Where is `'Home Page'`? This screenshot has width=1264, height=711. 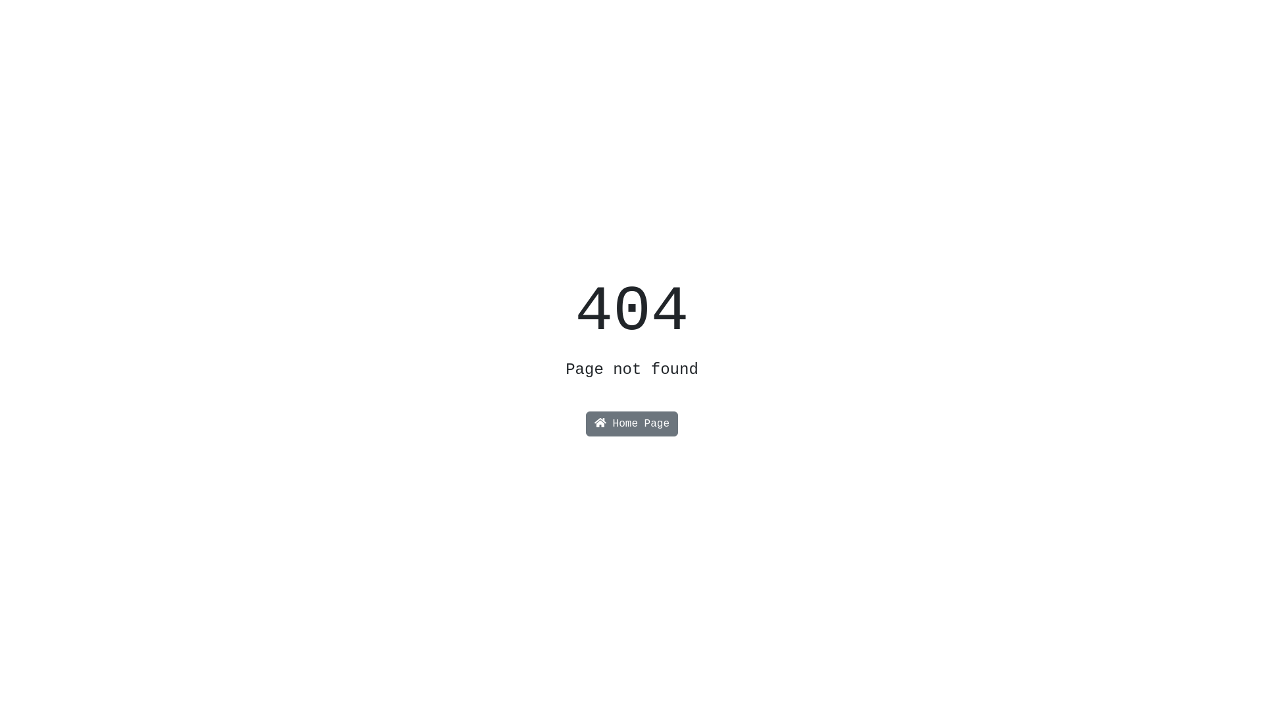
'Home Page' is located at coordinates (632, 424).